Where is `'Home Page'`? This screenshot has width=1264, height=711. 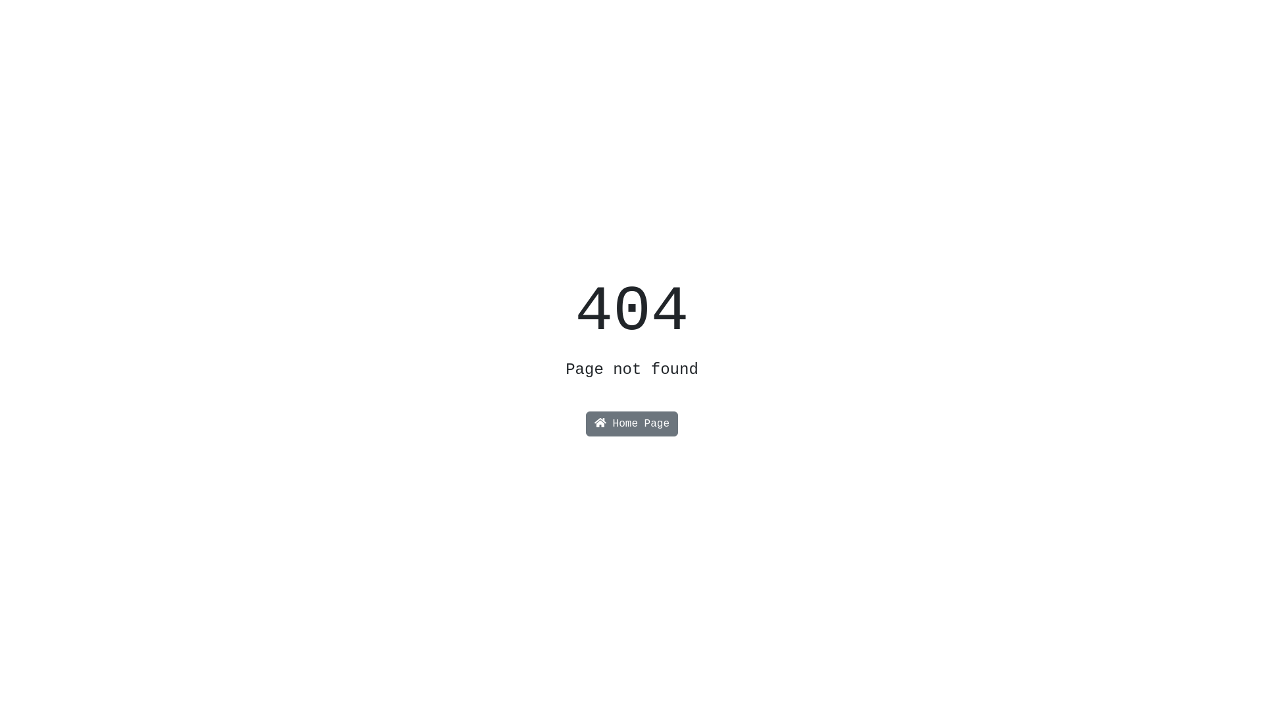
'Home Page' is located at coordinates (632, 424).